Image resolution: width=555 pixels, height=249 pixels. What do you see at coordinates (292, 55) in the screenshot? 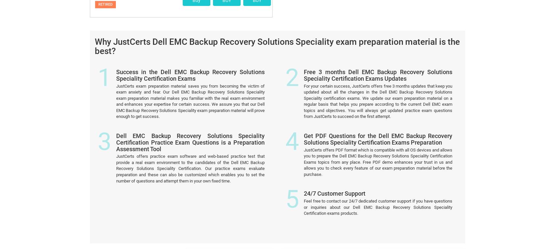
I see `'4'` at bounding box center [292, 55].